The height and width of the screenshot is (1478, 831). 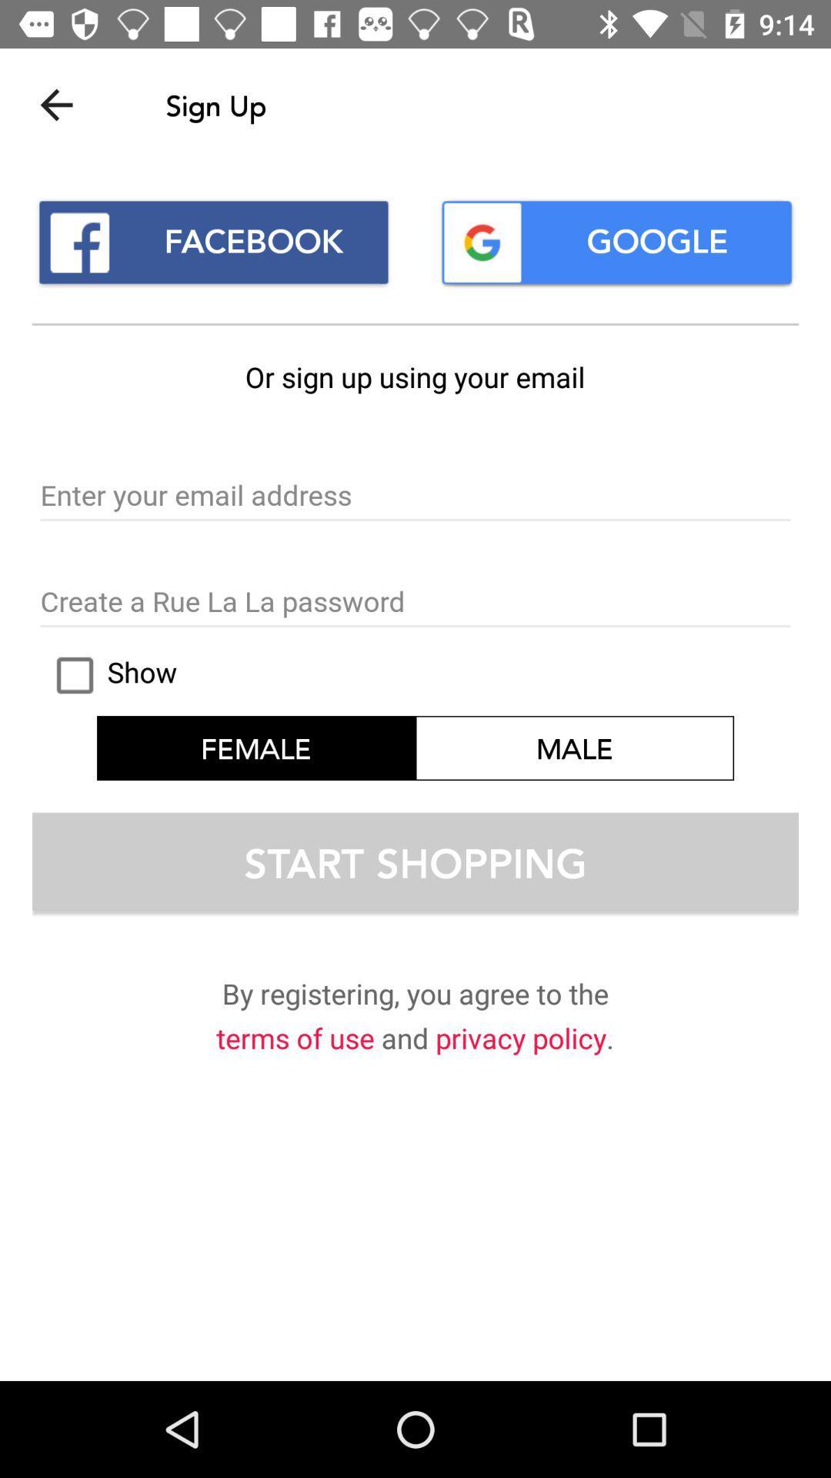 What do you see at coordinates (415, 860) in the screenshot?
I see `the icon above by registering you item` at bounding box center [415, 860].